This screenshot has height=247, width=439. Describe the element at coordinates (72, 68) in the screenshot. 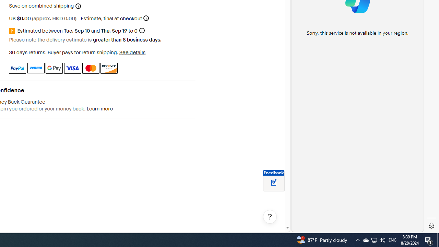

I see `'Visa'` at that location.